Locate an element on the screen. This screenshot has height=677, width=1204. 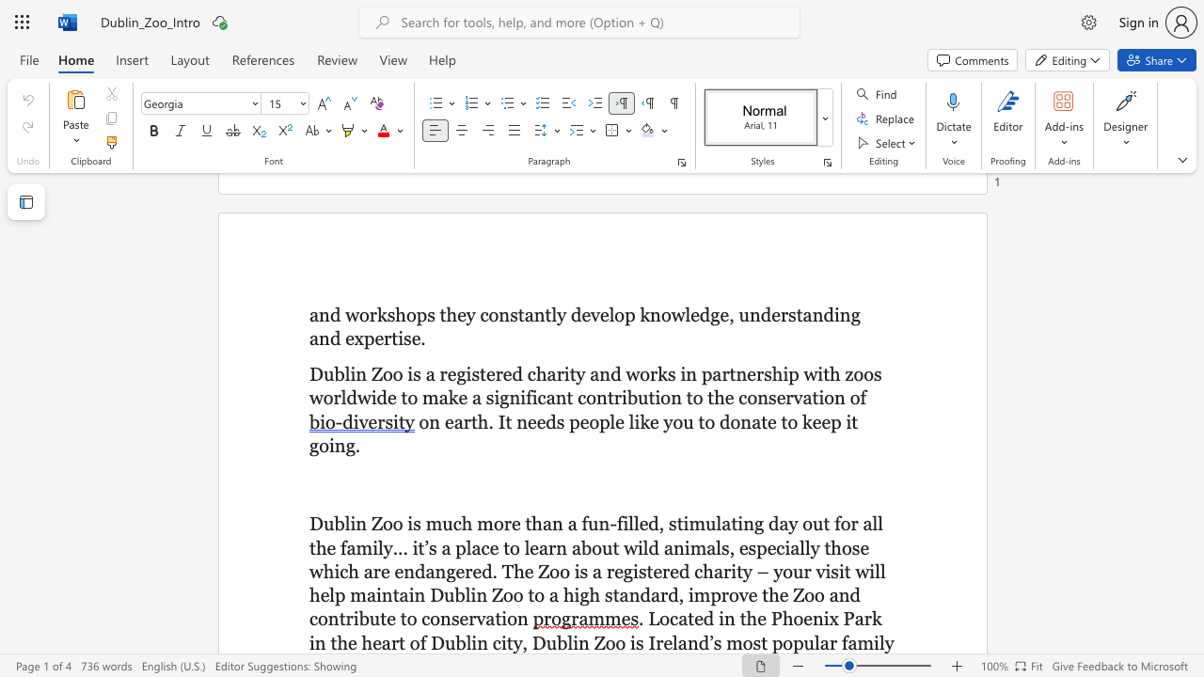
the subset text "am" within the text ". Located in the Phoenix Park in the heart of Dublin city, Dublin Zoo is Ireland’s most popular family" is located at coordinates (847, 641).